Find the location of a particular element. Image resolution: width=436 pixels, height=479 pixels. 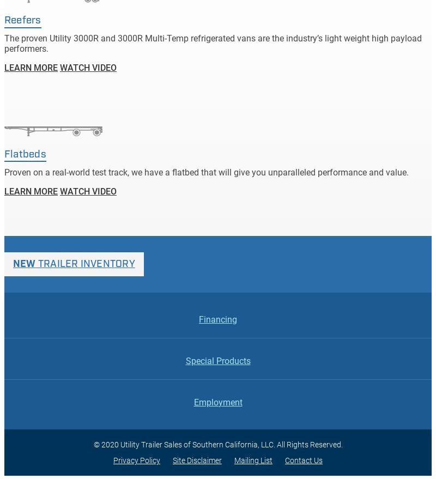

'Reefers' is located at coordinates (22, 20).